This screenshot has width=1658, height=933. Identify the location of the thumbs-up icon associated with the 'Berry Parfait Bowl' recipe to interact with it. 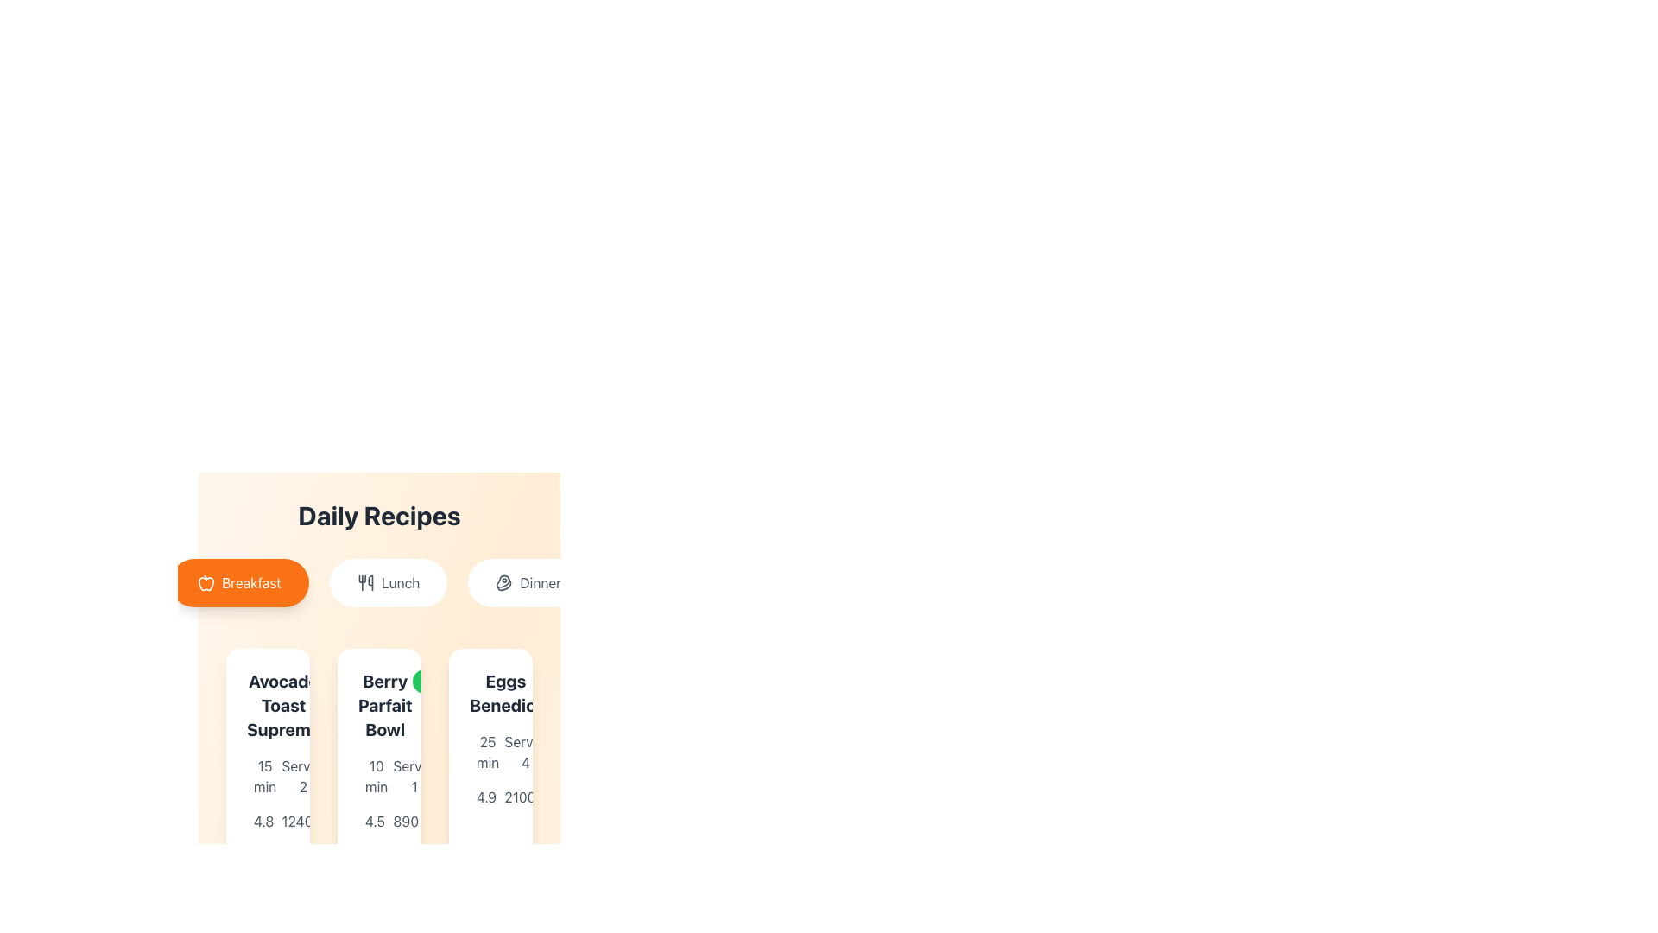
(396, 822).